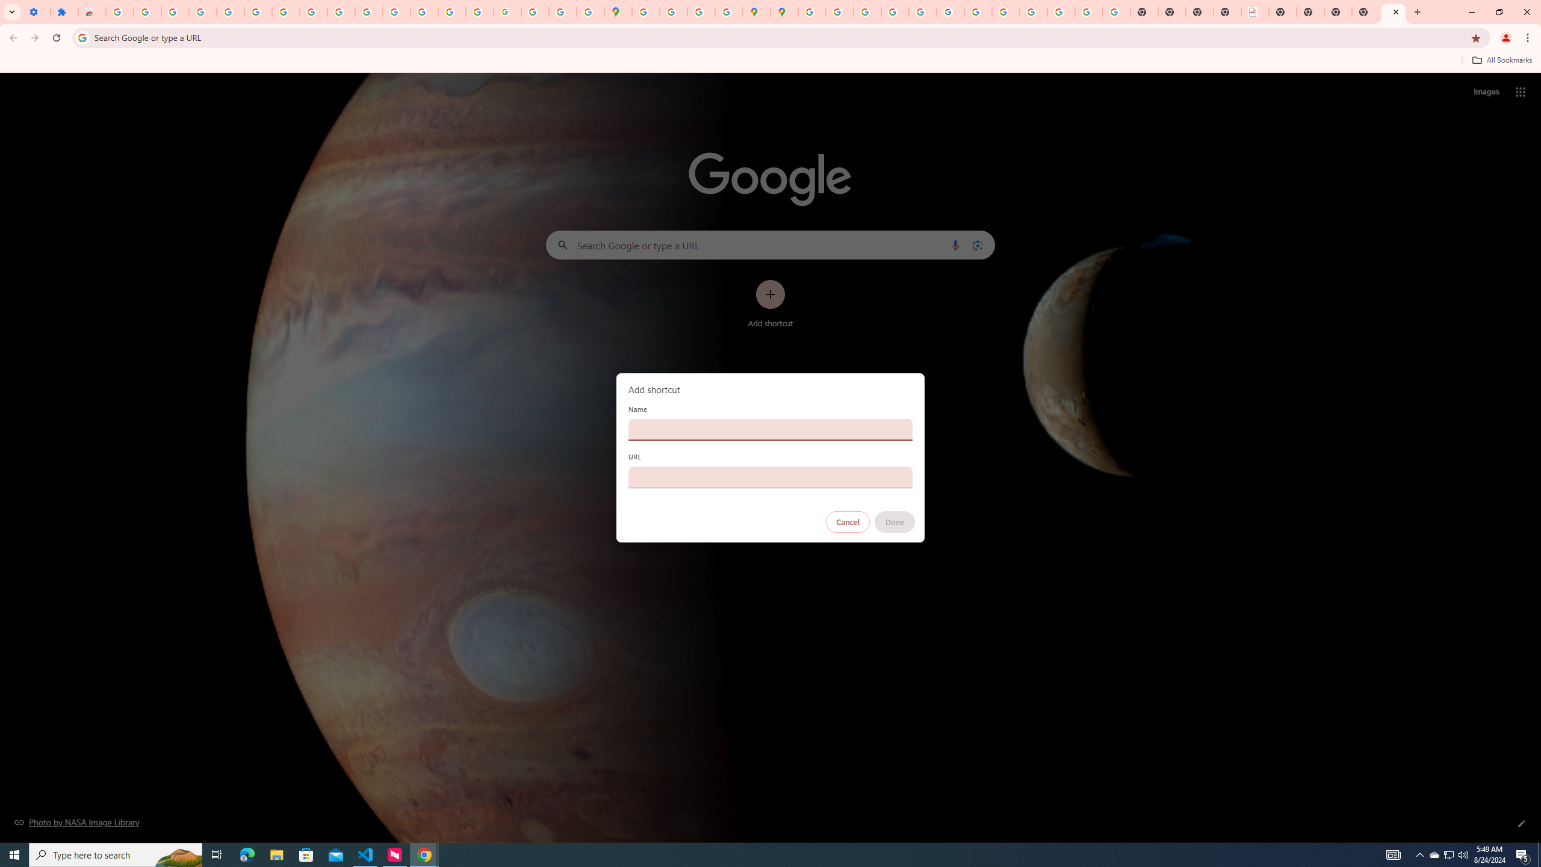 This screenshot has width=1541, height=867. Describe the element at coordinates (1254, 11) in the screenshot. I see `'LAAD Defence & Security 2025 | BAE Systems'` at that location.